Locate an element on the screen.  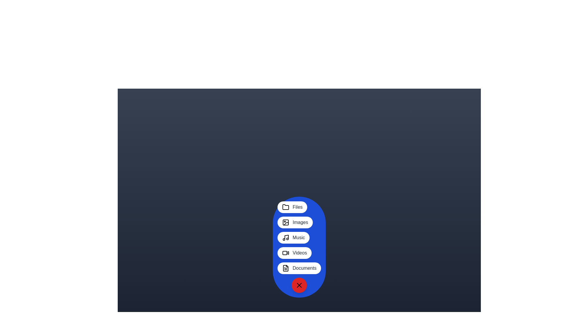
the button labeled 'Images' to observe its hover effect is located at coordinates (295, 222).